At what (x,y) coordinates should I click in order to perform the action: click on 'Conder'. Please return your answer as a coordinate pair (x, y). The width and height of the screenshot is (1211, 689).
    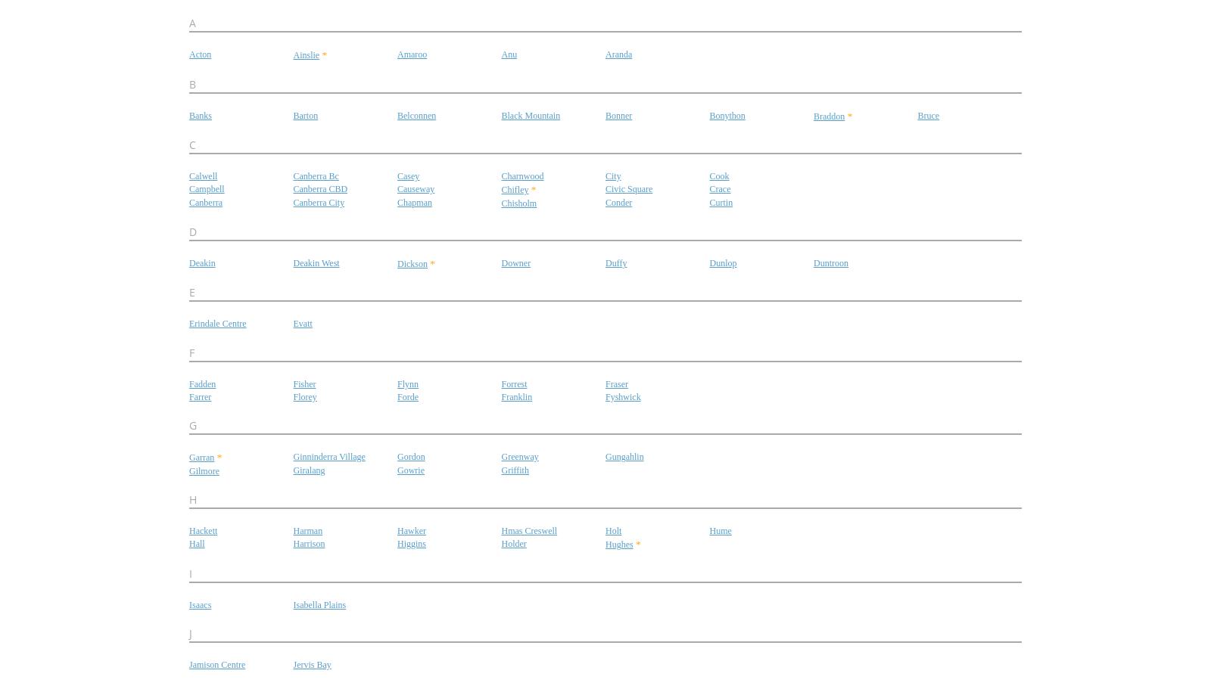
    Looking at the image, I should click on (618, 201).